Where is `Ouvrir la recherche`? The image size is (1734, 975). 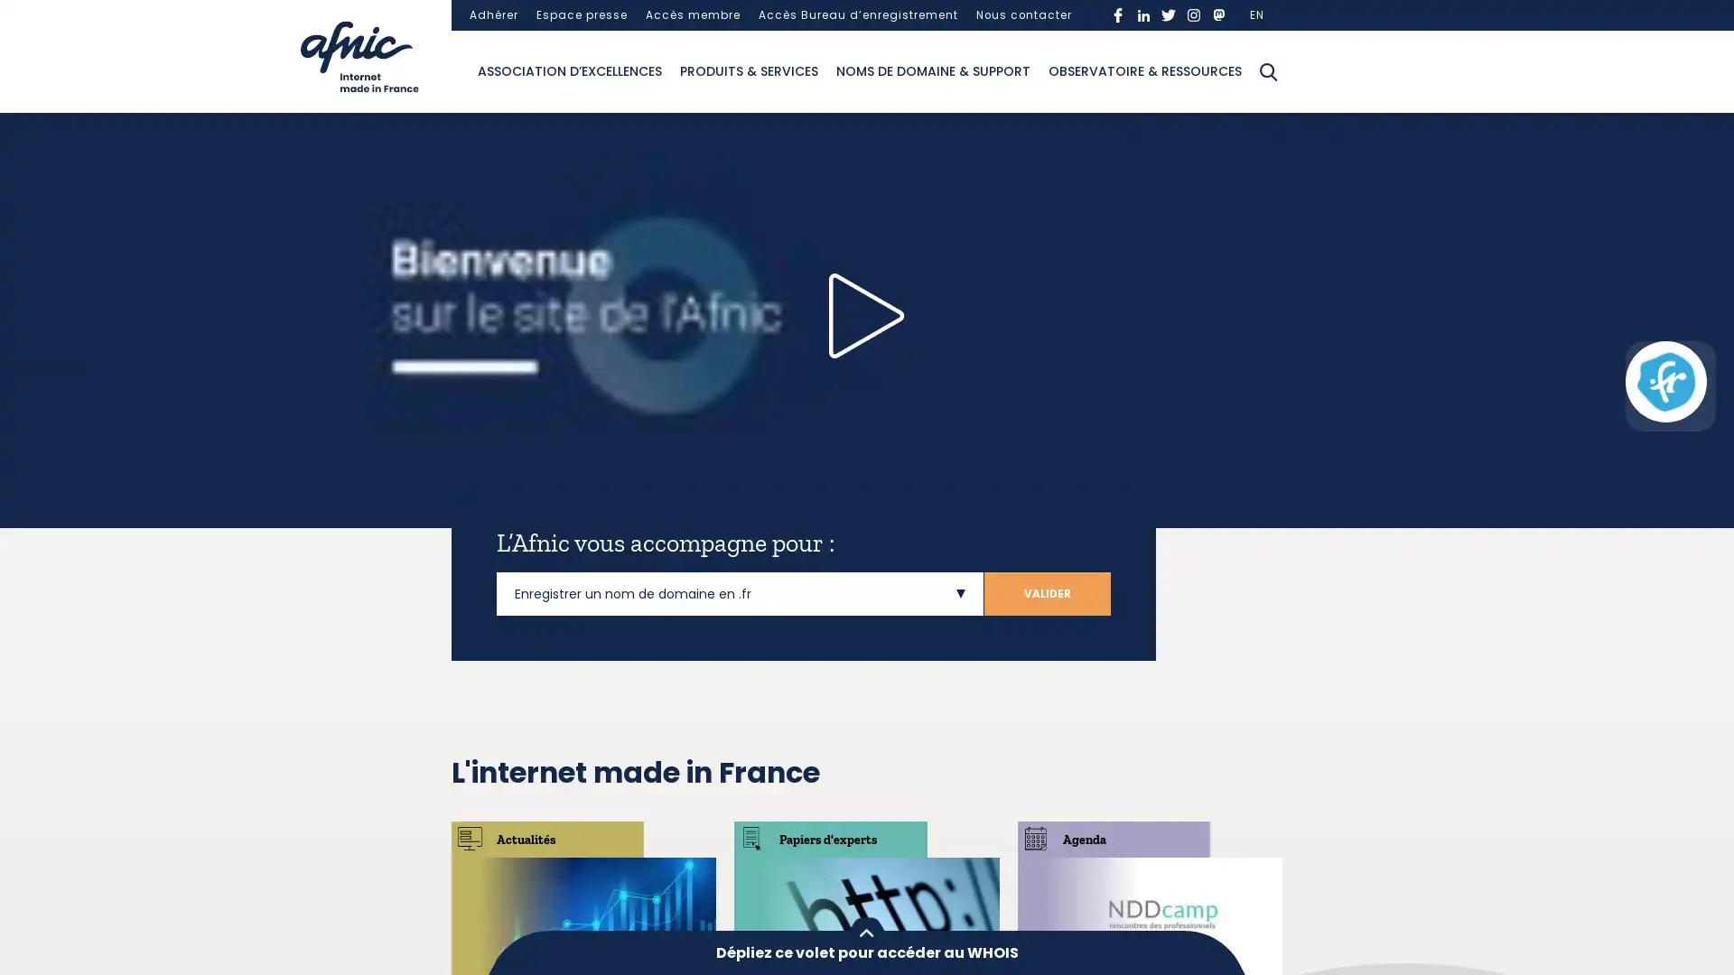
Ouvrir la recherche is located at coordinates (1268, 70).